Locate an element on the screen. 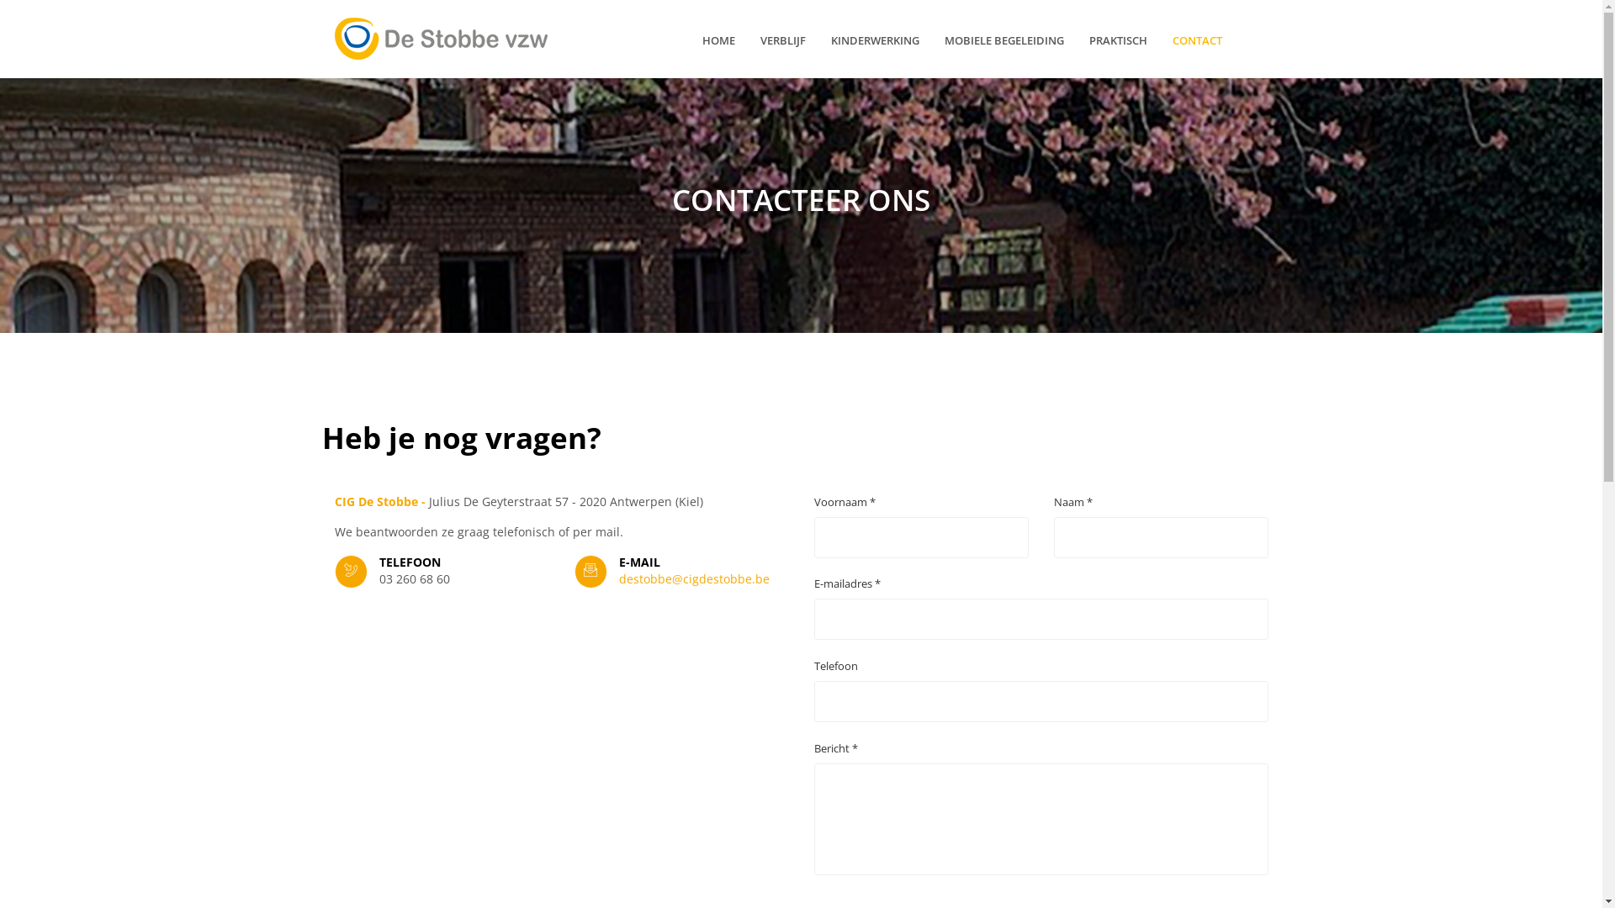 The height and width of the screenshot is (908, 1615). 'PRAKTISCH' is located at coordinates (1118, 40).